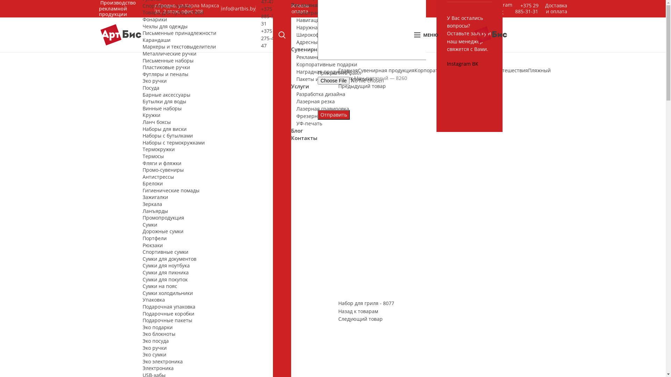 The height and width of the screenshot is (377, 671). Describe the element at coordinates (460, 64) in the screenshot. I see `'Instagram'` at that location.